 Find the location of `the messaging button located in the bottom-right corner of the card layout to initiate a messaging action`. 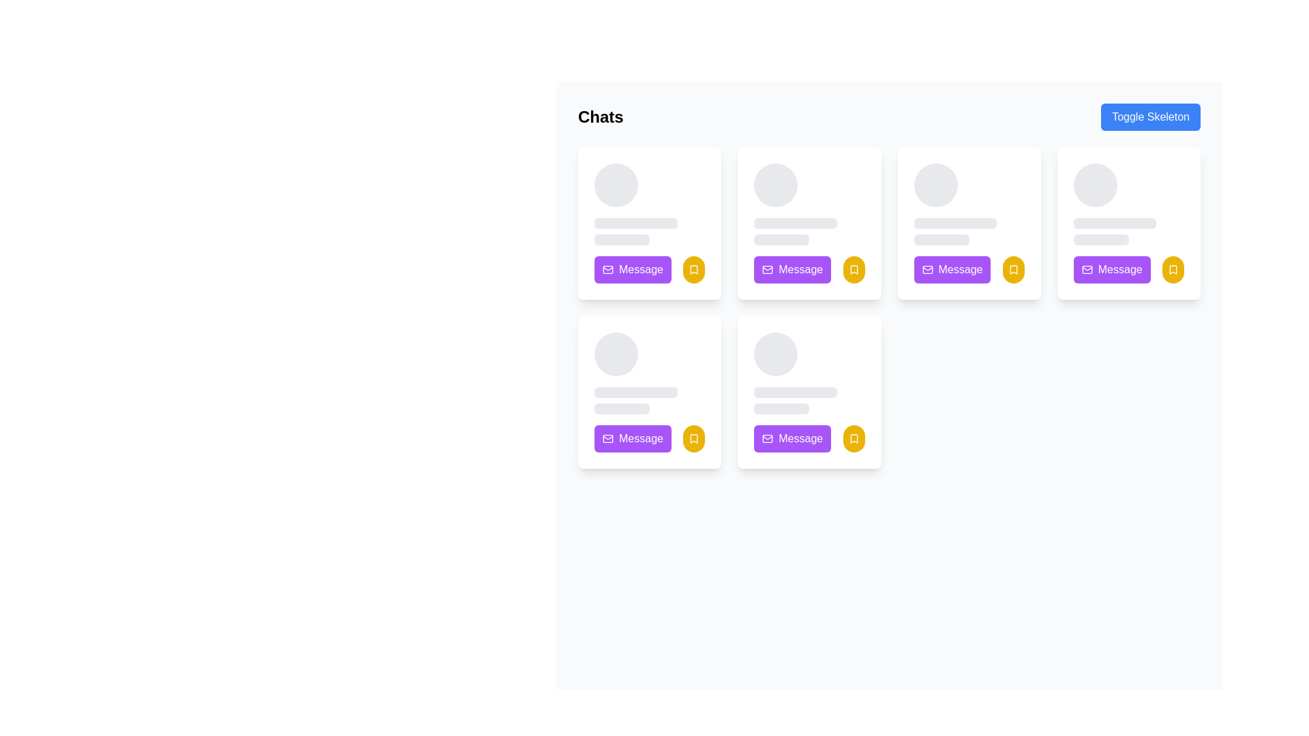

the messaging button located in the bottom-right corner of the card layout to initiate a messaging action is located at coordinates (968, 270).